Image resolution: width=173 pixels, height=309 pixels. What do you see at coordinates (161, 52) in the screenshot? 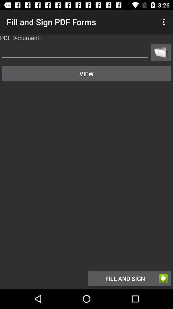
I see `the folder icon` at bounding box center [161, 52].